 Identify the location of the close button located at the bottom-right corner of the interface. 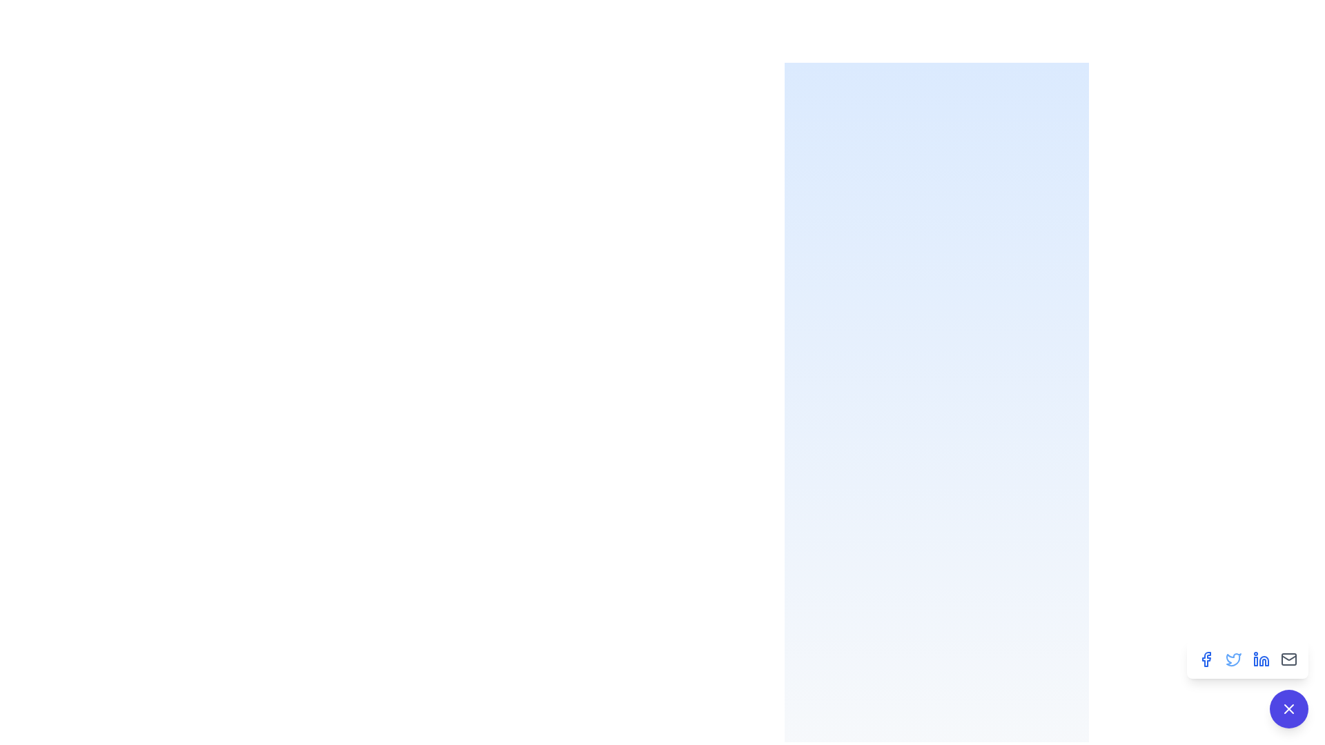
(1288, 709).